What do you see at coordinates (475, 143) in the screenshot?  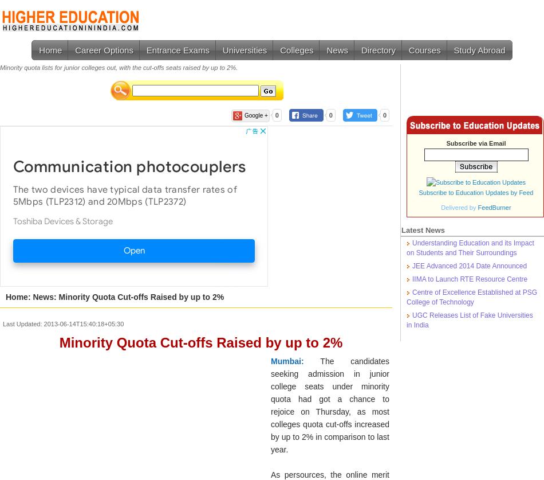 I see `'Subscribe via Email'` at bounding box center [475, 143].